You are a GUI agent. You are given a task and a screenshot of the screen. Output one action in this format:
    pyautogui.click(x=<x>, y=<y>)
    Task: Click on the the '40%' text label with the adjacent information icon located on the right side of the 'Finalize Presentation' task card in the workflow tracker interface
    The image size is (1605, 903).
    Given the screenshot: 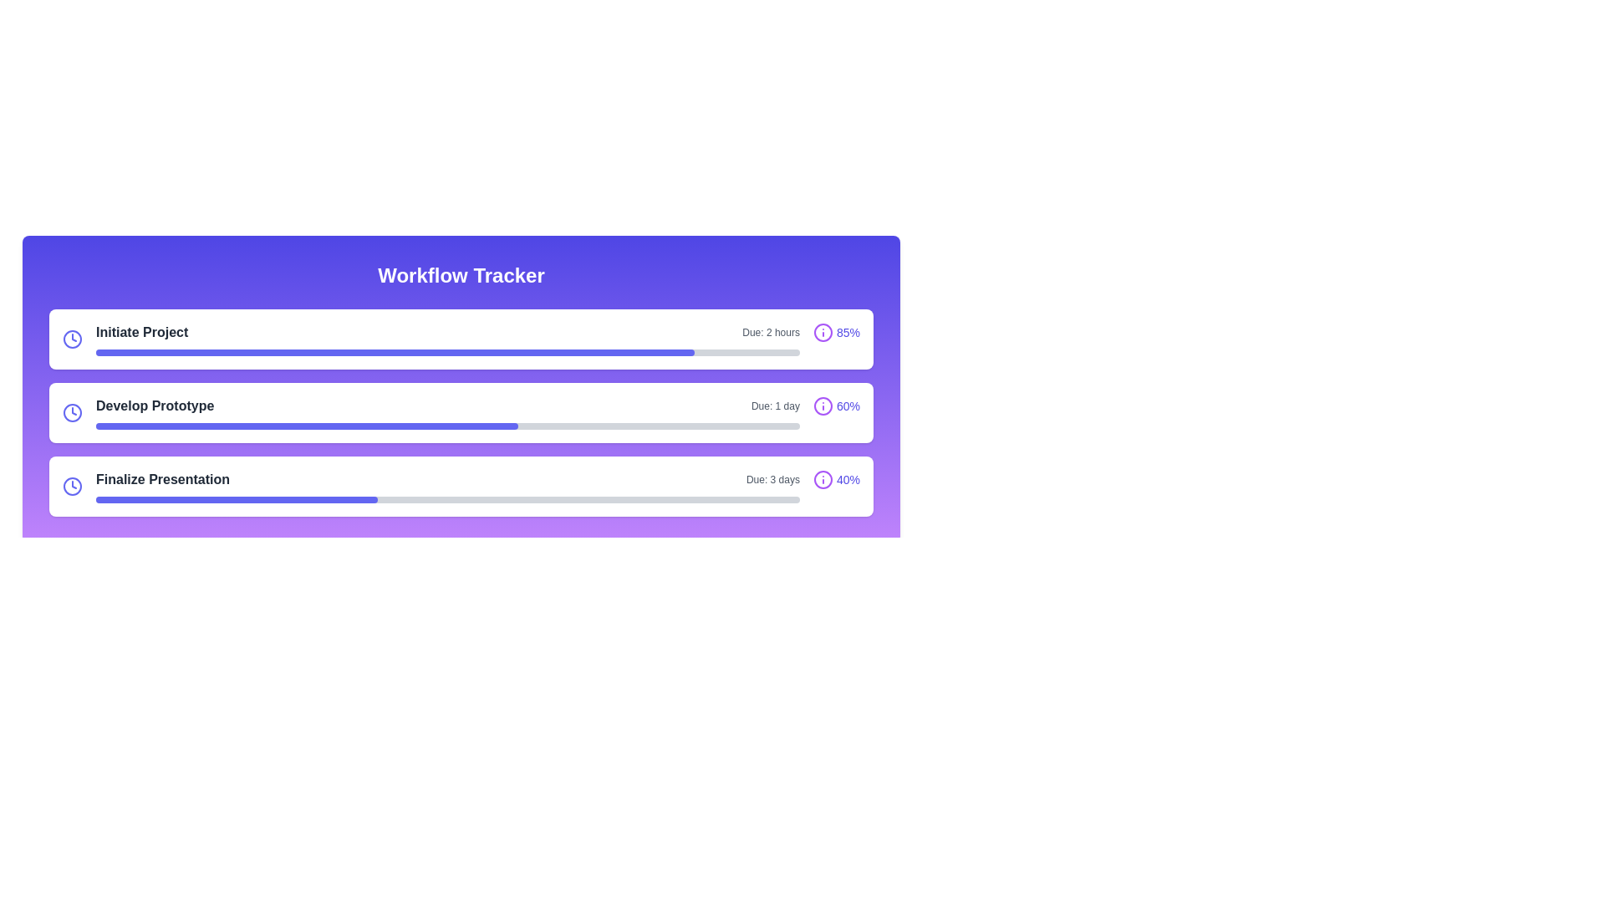 What is the action you would take?
    pyautogui.click(x=836, y=480)
    